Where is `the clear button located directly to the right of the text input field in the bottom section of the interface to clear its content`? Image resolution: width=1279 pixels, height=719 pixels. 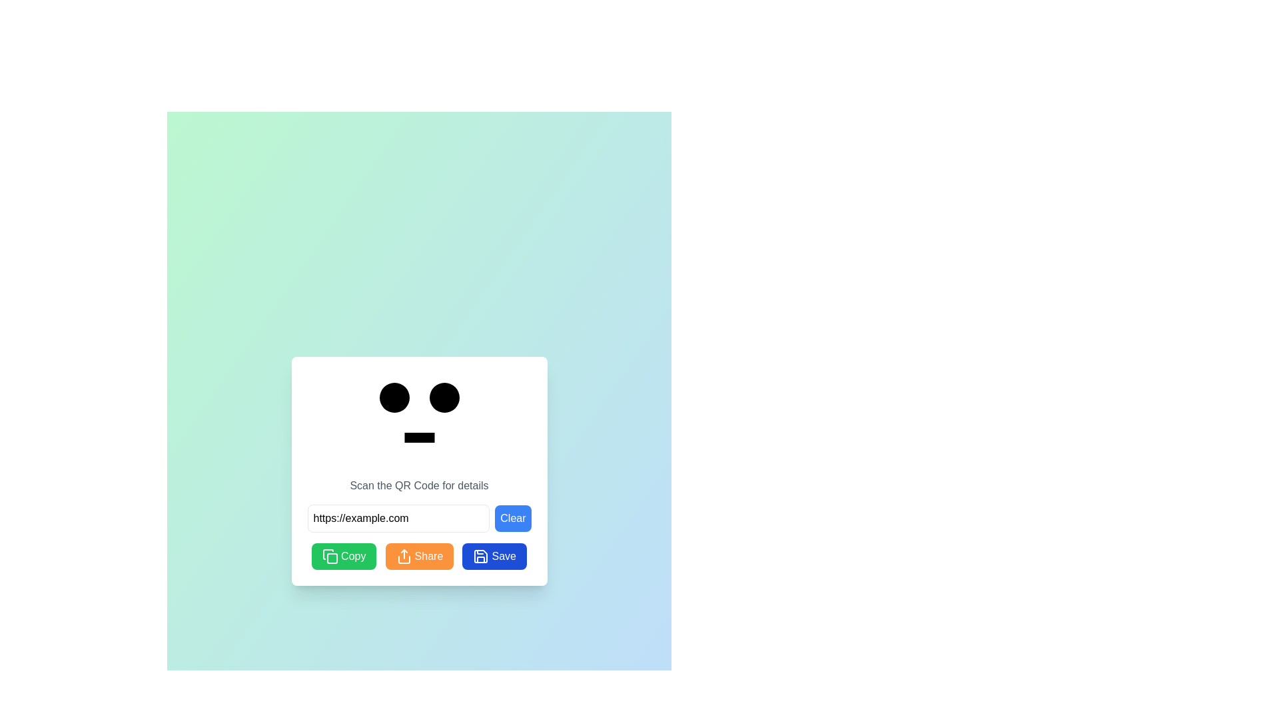
the clear button located directly to the right of the text input field in the bottom section of the interface to clear its content is located at coordinates (512, 518).